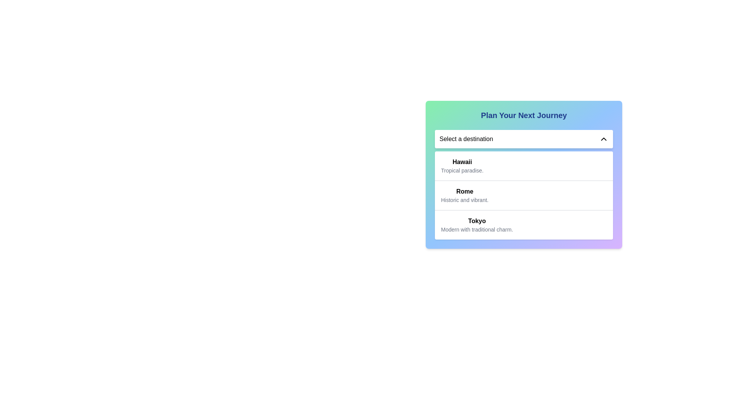 The height and width of the screenshot is (414, 737). Describe the element at coordinates (466, 139) in the screenshot. I see `the text label displaying 'Select a destination' located in the left section of the dropdown menu` at that location.